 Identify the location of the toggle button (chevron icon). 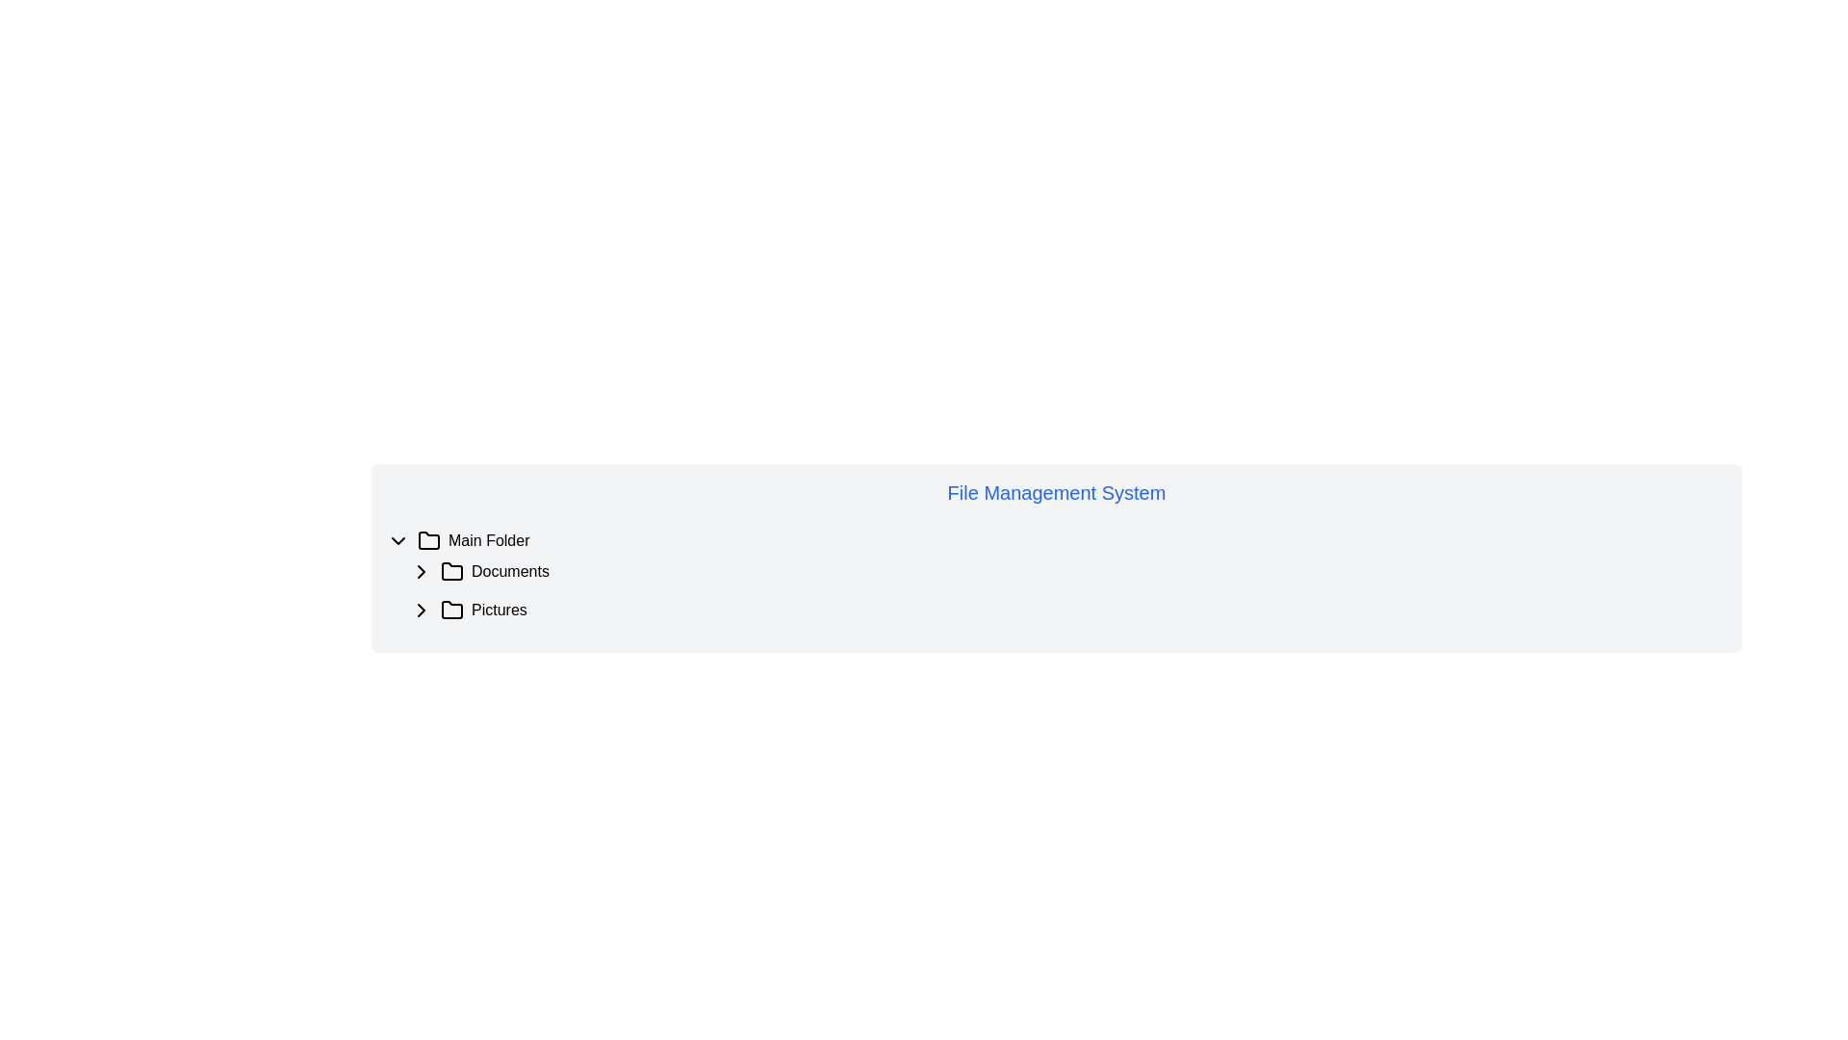
(420, 610).